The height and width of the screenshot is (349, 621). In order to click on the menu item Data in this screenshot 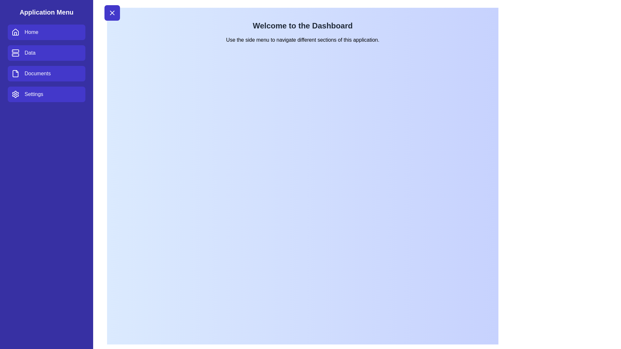, I will do `click(46, 53)`.